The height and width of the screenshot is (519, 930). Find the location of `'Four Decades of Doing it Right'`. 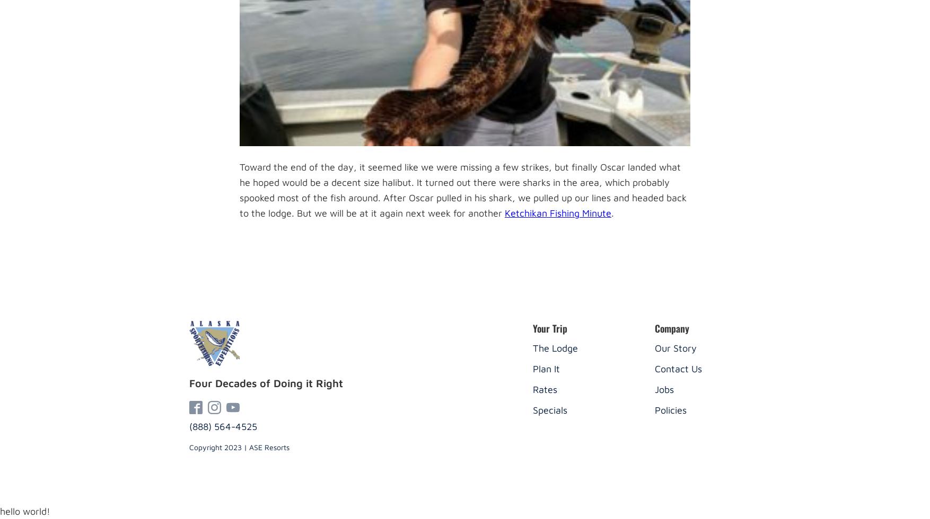

'Four Decades of Doing it Right' is located at coordinates (265, 382).